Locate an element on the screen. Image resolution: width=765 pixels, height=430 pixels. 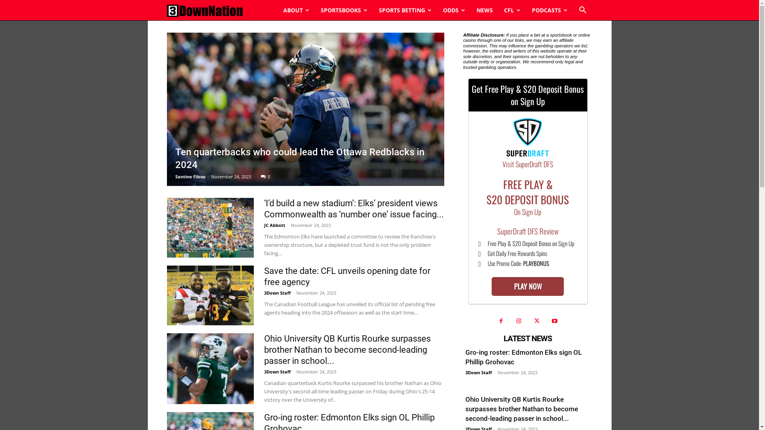
'ABOUT' is located at coordinates (296, 10).